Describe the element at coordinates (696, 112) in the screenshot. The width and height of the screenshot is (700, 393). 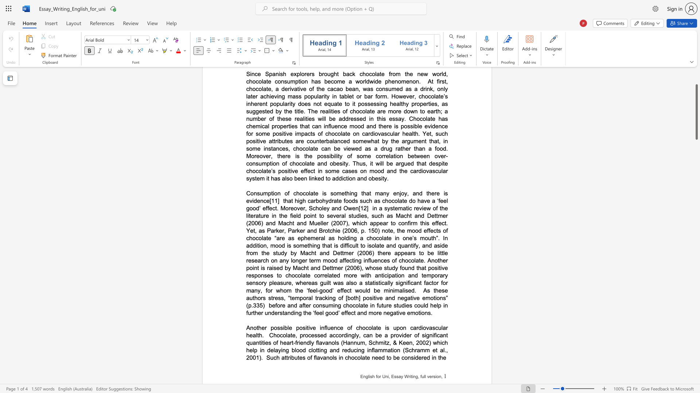
I see `the scrollbar and move down 100 pixels` at that location.